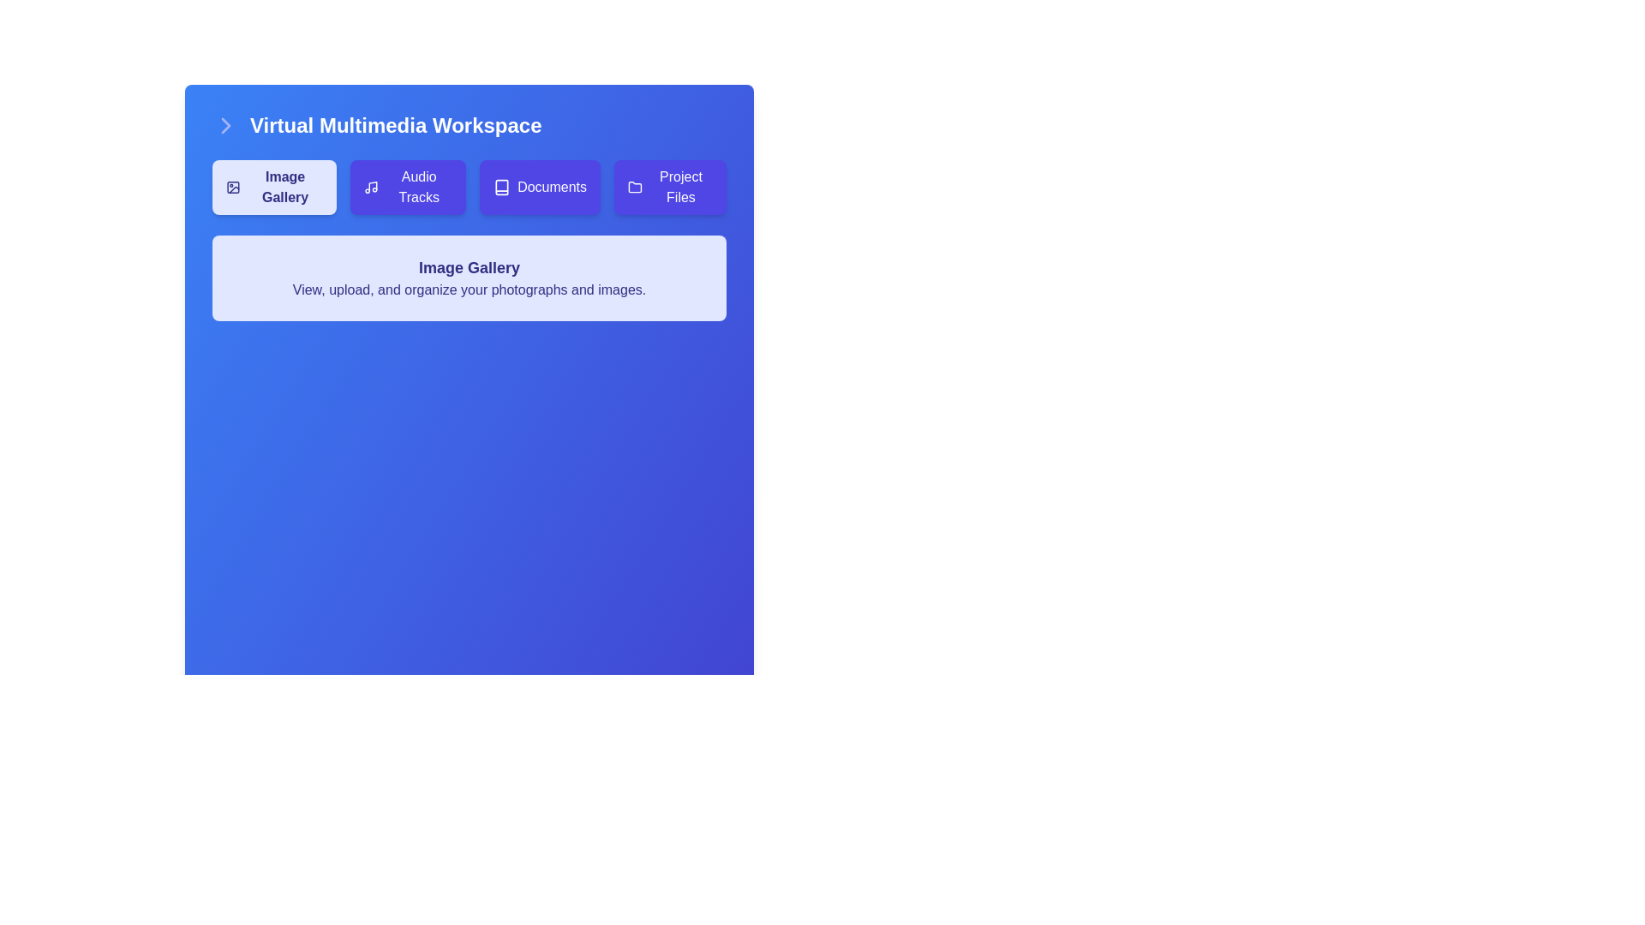 The image size is (1645, 925). I want to click on the audio tracks icon located in the 'Virtual Multimedia Workspace' under the 'Audio Tracks' button, which is the second button from the left, so click(370, 188).